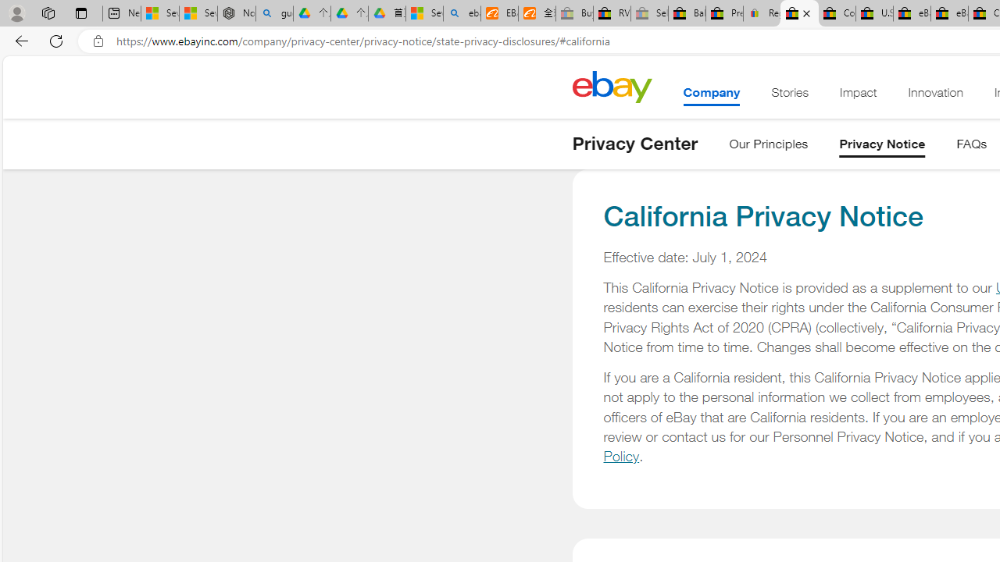 The image size is (1000, 562). Describe the element at coordinates (723, 13) in the screenshot. I see `'Press Room - eBay Inc.'` at that location.